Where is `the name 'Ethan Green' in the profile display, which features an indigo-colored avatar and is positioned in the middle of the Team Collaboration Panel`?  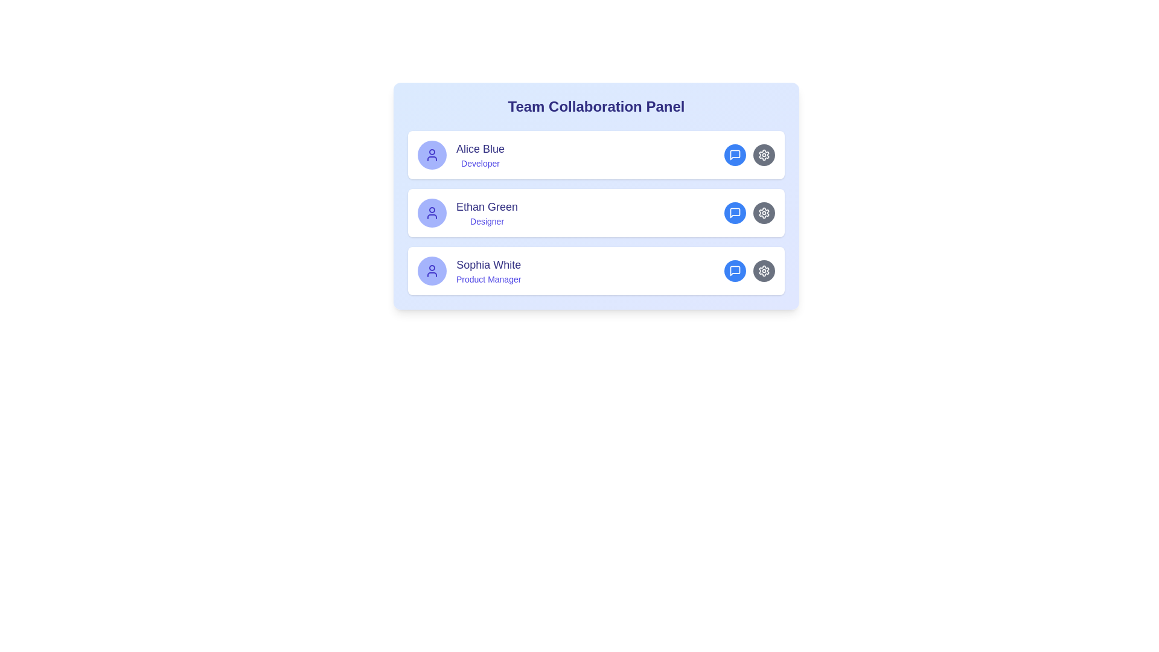
the name 'Ethan Green' in the profile display, which features an indigo-colored avatar and is positioned in the middle of the Team Collaboration Panel is located at coordinates (467, 213).